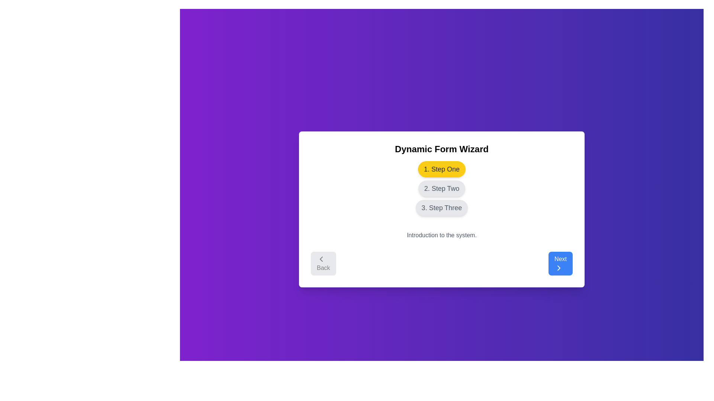  I want to click on the Next button to navigate the steps, so click(560, 263).